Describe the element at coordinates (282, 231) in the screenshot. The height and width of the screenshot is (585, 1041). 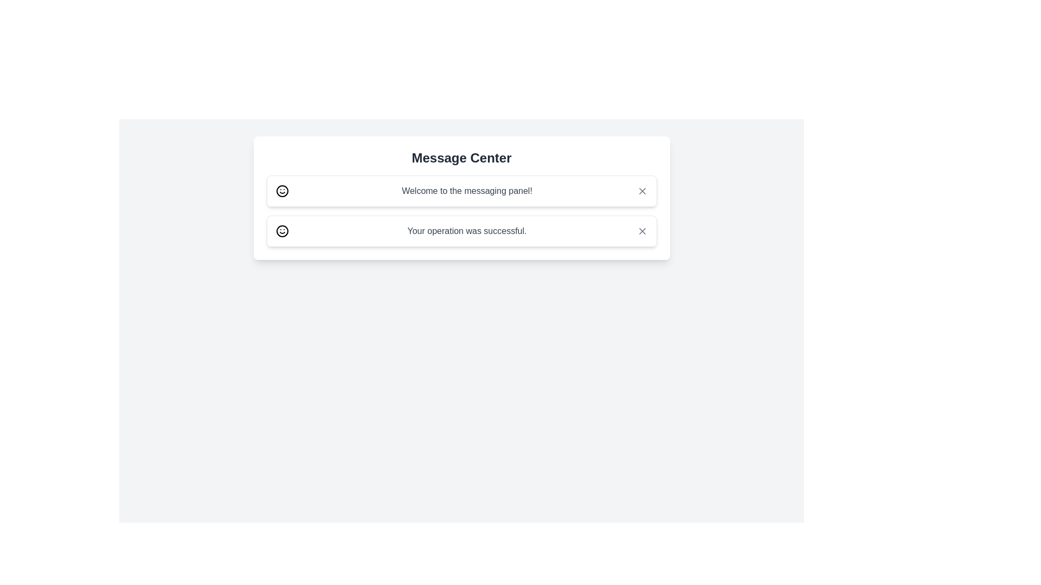
I see `the success status icon located to the left of the text 'Your operation was successful.' in the lower notification card within the 'Message Center' panel` at that location.